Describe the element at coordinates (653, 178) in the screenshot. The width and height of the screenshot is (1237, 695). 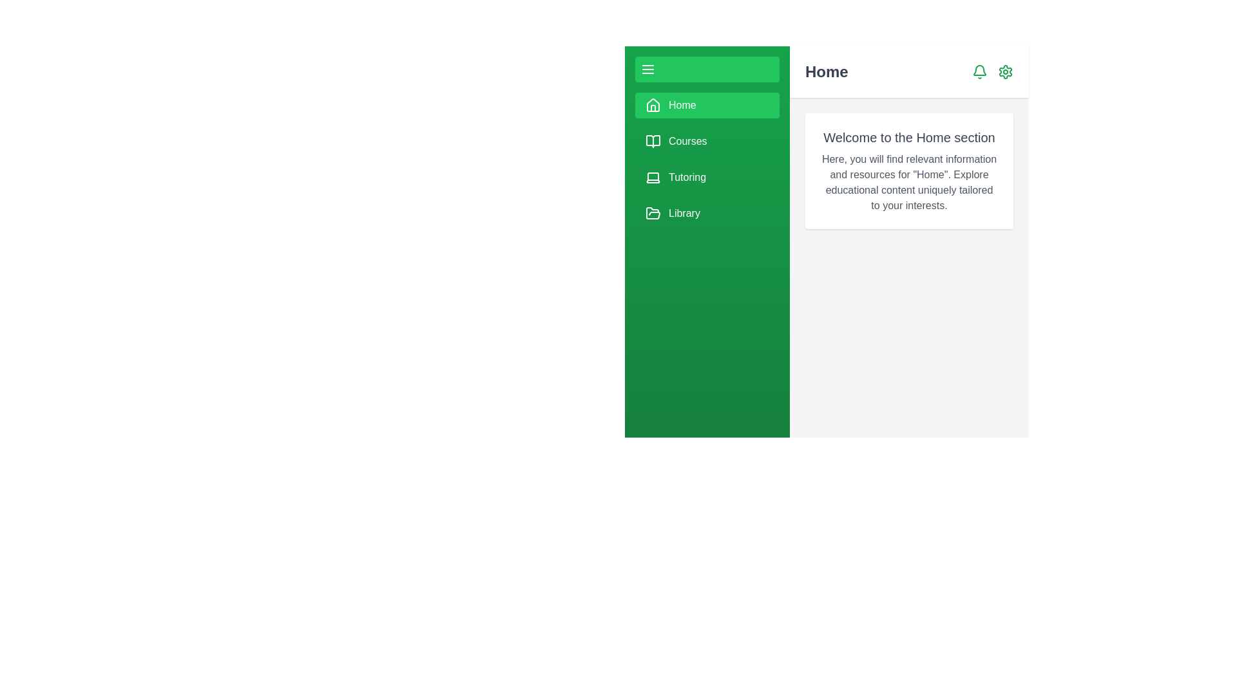
I see `the laptop computer icon located in the navigation menu adjacent to the 'Tutoring' label` at that location.